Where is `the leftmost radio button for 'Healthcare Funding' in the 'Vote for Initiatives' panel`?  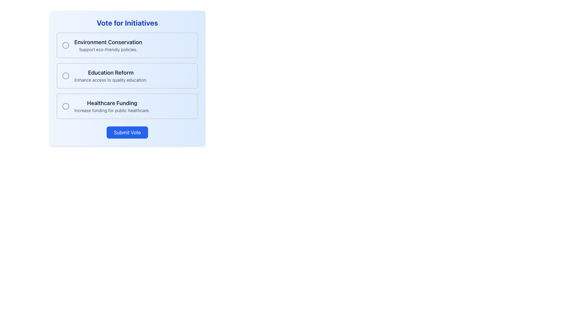
the leftmost radio button for 'Healthcare Funding' in the 'Vote for Initiatives' panel is located at coordinates (66, 106).